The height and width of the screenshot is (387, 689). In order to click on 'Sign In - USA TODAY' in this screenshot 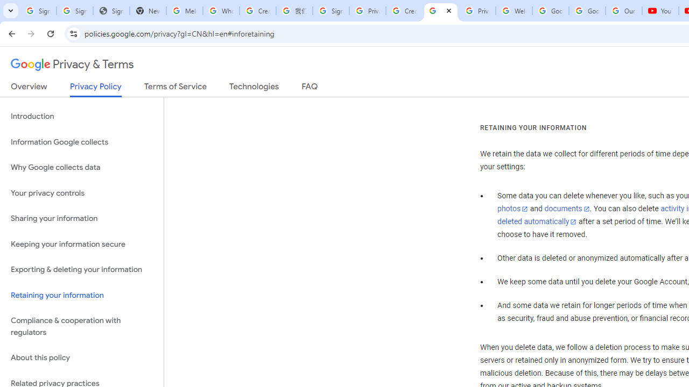, I will do `click(111, 11)`.